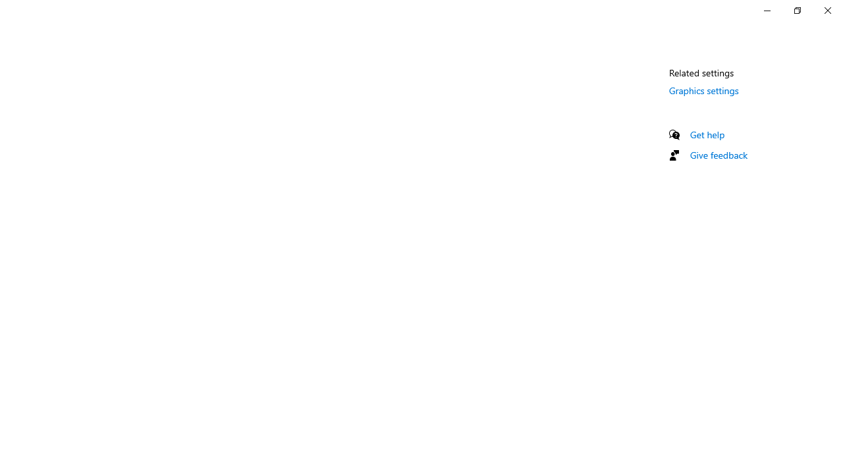 This screenshot has height=474, width=843. I want to click on 'Close Settings', so click(827, 10).